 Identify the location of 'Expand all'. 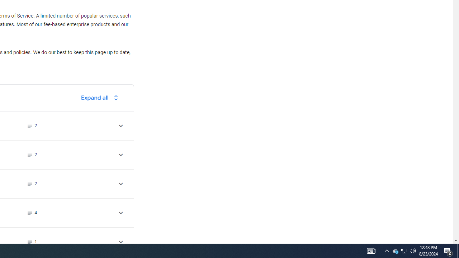
(101, 97).